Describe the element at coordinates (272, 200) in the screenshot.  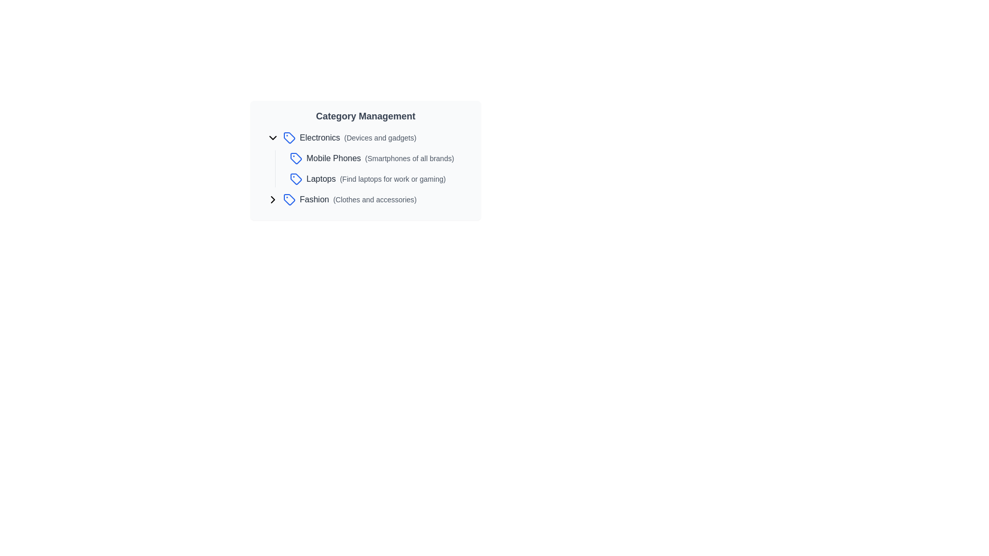
I see `the button located to the left of the 'Fashion (Clothes and accessories)' label in the 'Category Management' section` at that location.